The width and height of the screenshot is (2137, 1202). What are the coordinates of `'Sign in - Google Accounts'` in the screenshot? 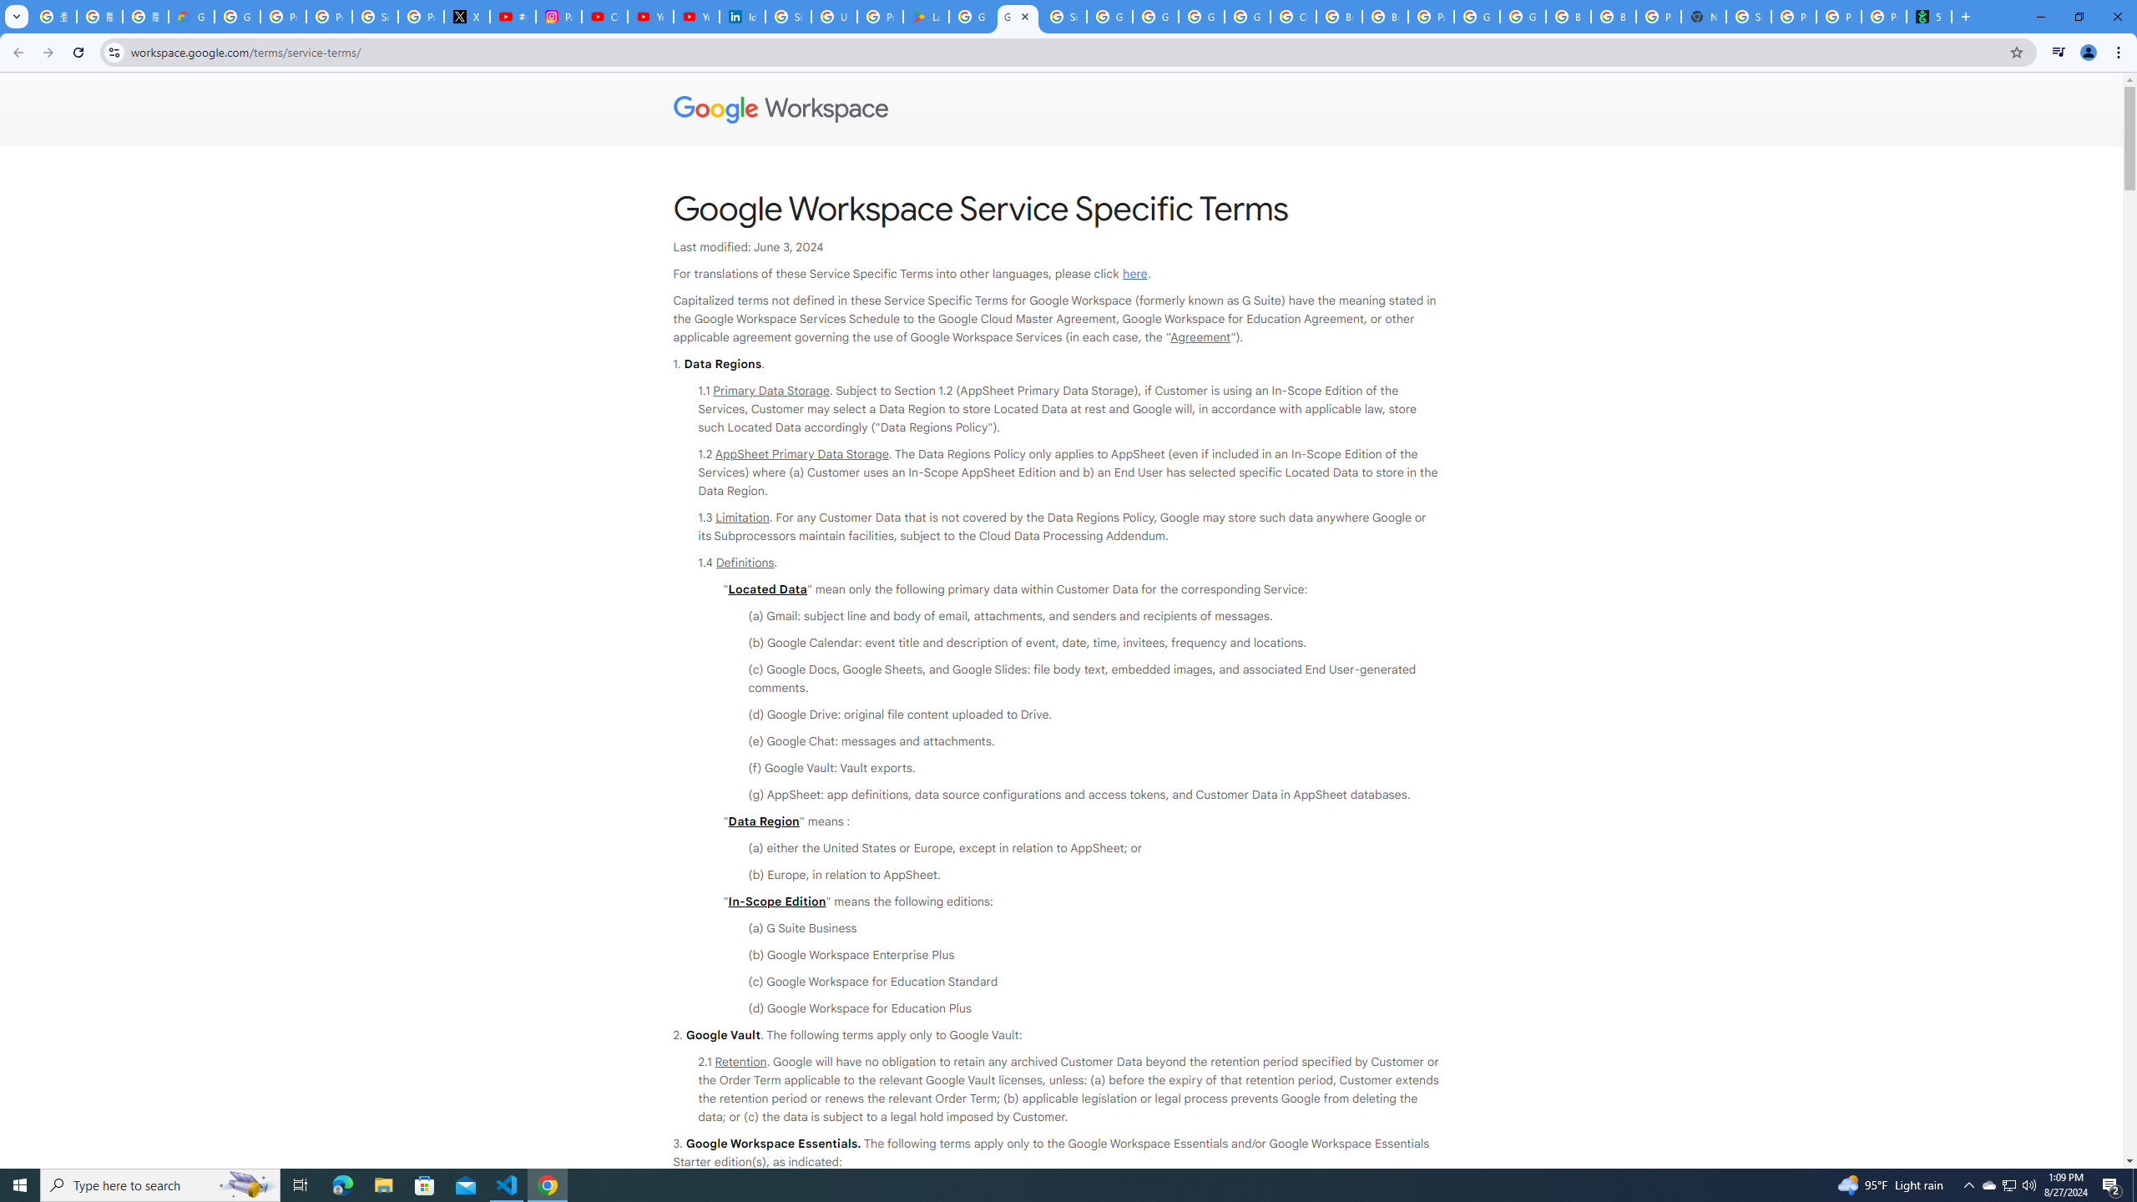 It's located at (787, 16).